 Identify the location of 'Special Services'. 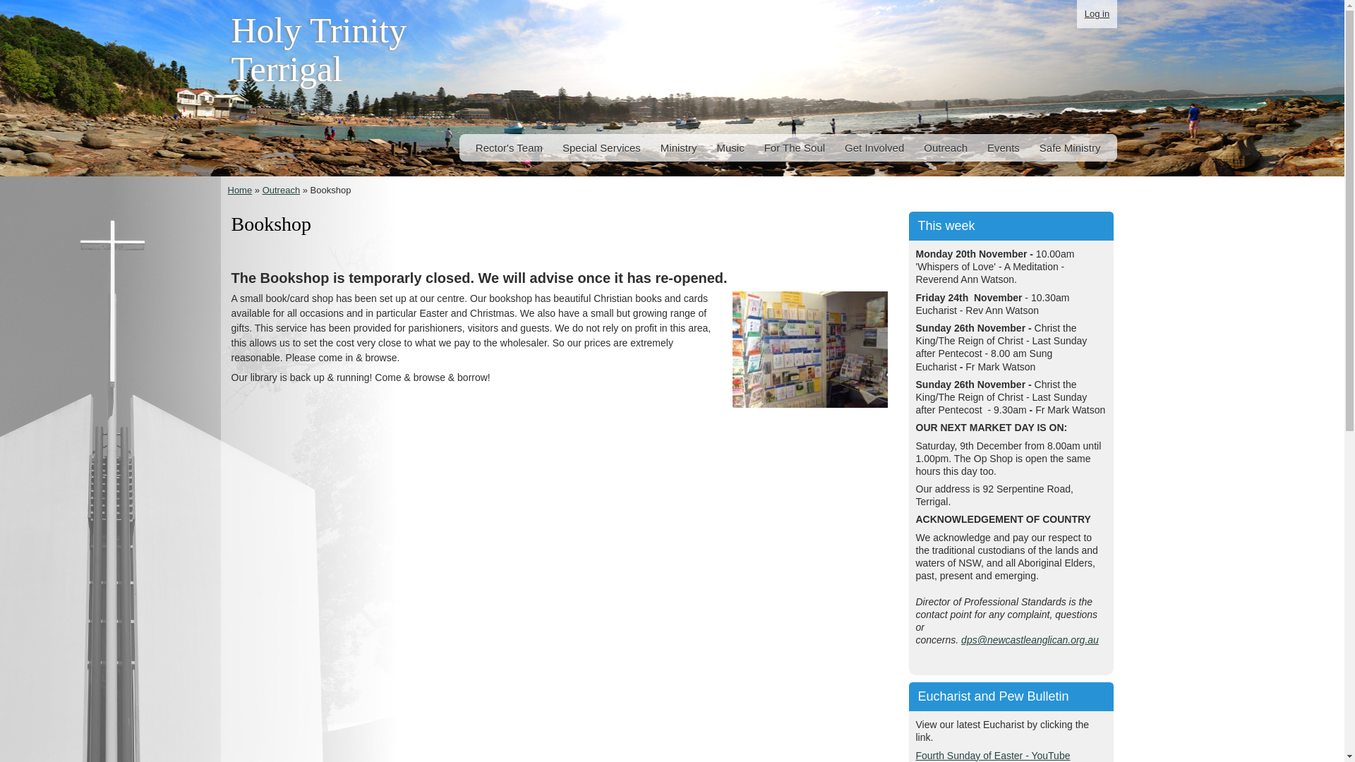
(601, 147).